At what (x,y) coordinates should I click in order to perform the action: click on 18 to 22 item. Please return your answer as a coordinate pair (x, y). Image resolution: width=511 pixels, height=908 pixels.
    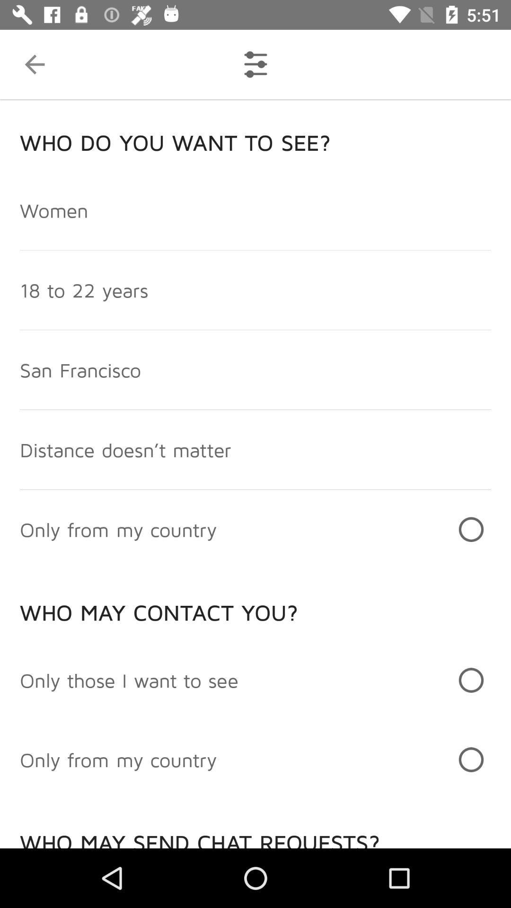
    Looking at the image, I should click on (83, 289).